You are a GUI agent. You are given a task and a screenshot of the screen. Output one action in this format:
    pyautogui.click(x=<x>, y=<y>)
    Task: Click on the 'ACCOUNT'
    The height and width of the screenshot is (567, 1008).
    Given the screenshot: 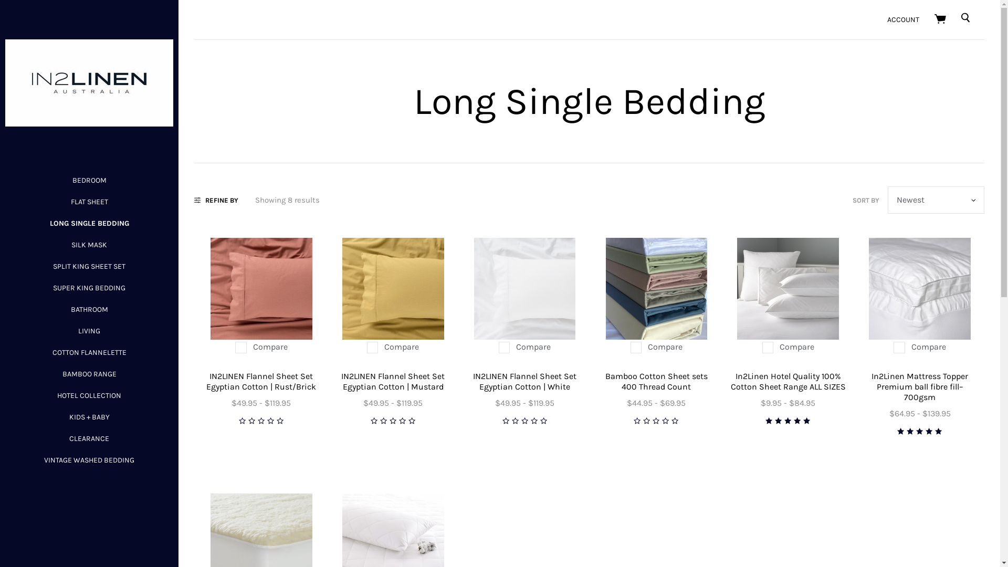 What is the action you would take?
    pyautogui.click(x=902, y=19)
    